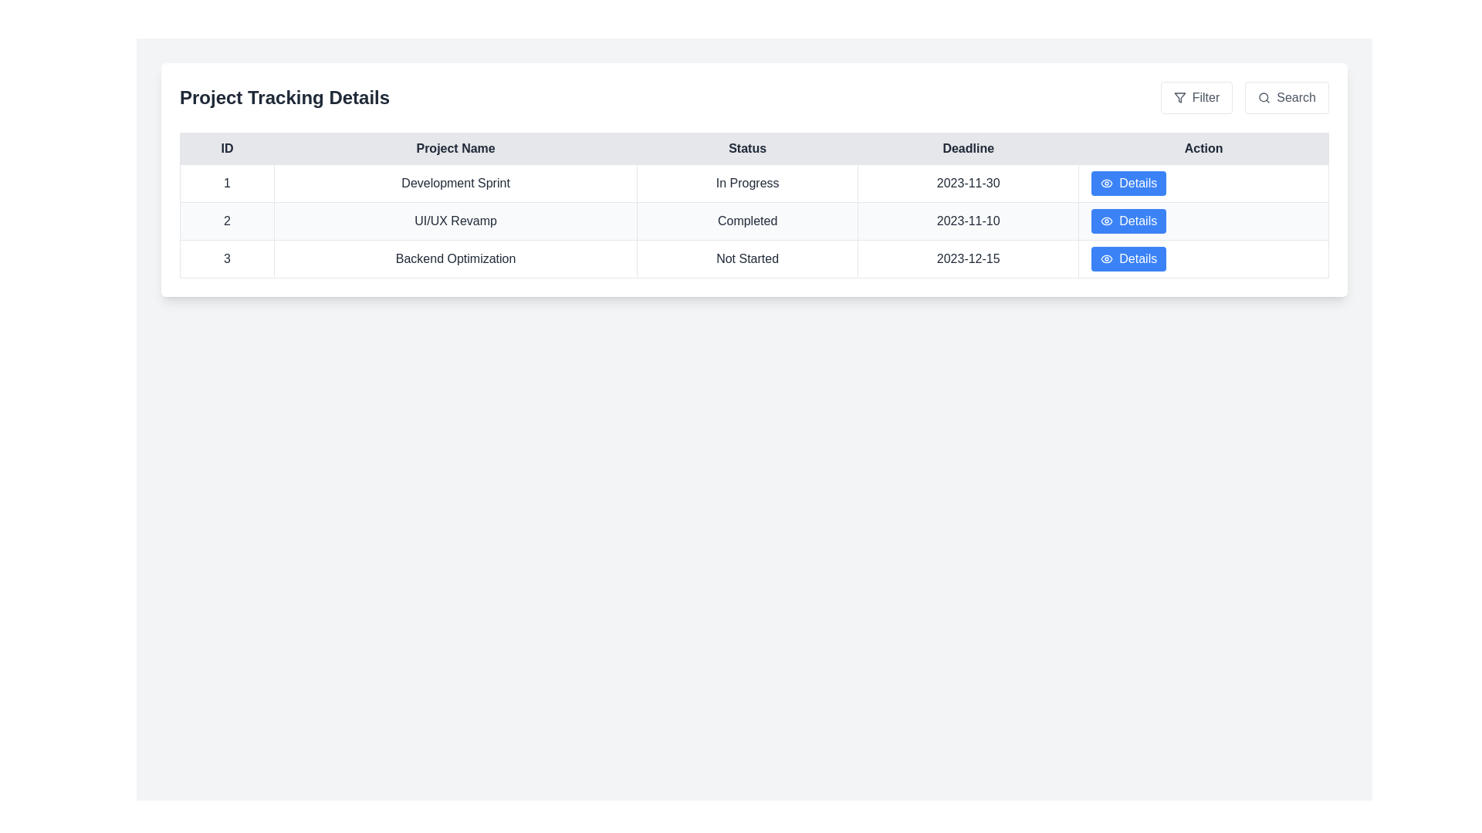 The width and height of the screenshot is (1482, 833). What do you see at coordinates (747, 221) in the screenshot?
I see `the 'Completed' static text label in the 'Status' column of the 'Project Tracking Details' table, which is located between the 'UI/UX Revamp' and 'Deadline' cells` at bounding box center [747, 221].